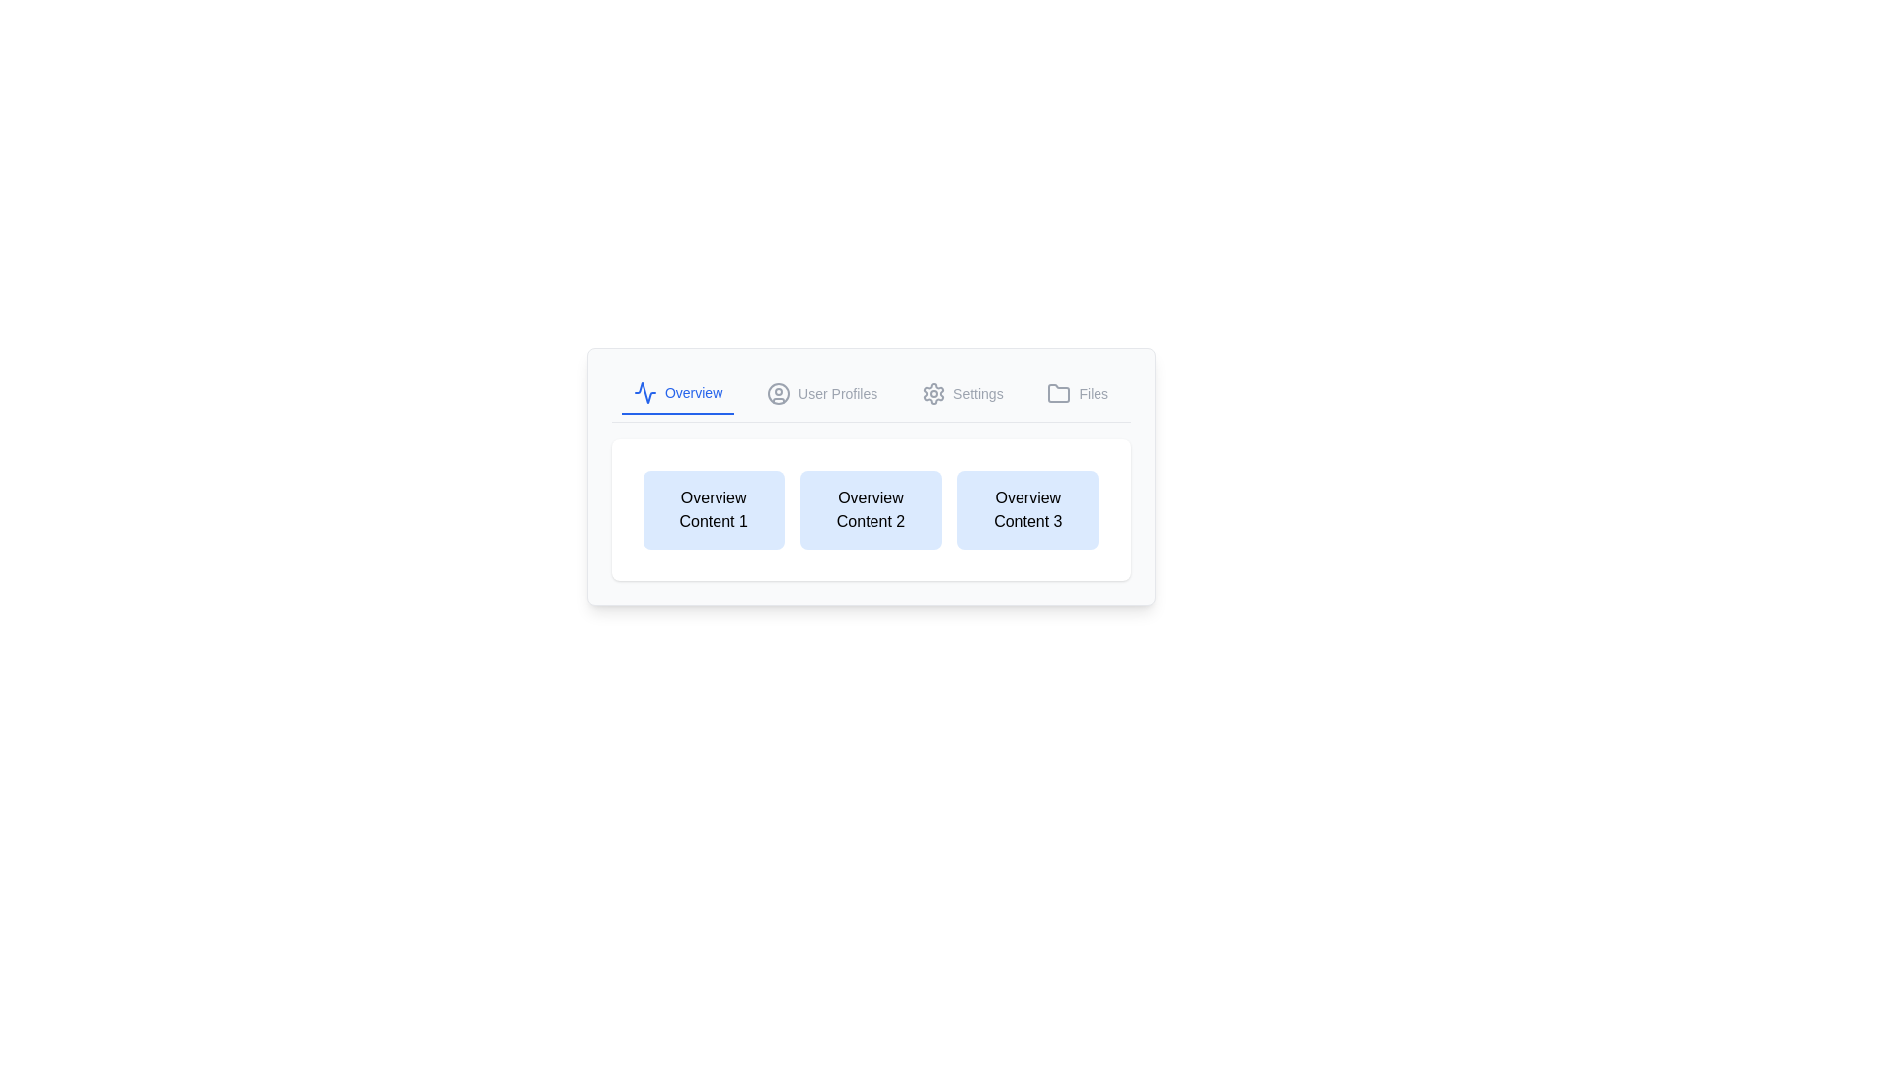 The width and height of the screenshot is (1895, 1066). Describe the element at coordinates (1058, 393) in the screenshot. I see `the folder icon located` at that location.